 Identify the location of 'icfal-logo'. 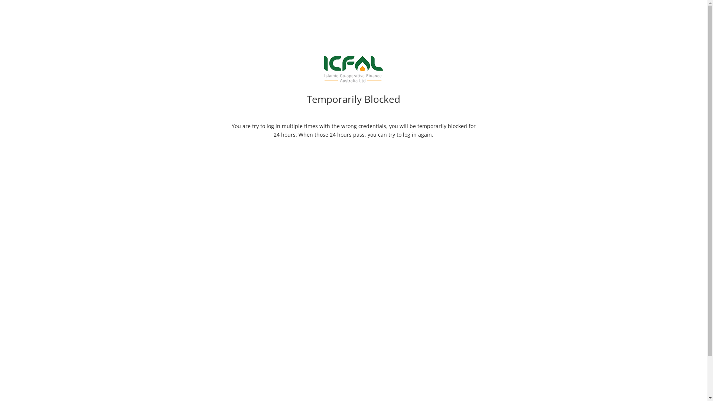
(353, 69).